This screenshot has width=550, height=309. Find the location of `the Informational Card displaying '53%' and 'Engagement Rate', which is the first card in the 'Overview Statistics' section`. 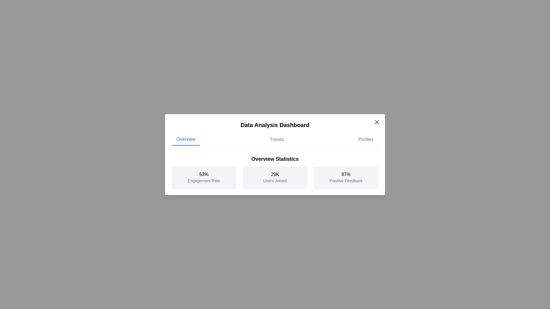

the Informational Card displaying '53%' and 'Engagement Rate', which is the first card in the 'Overview Statistics' section is located at coordinates (204, 177).